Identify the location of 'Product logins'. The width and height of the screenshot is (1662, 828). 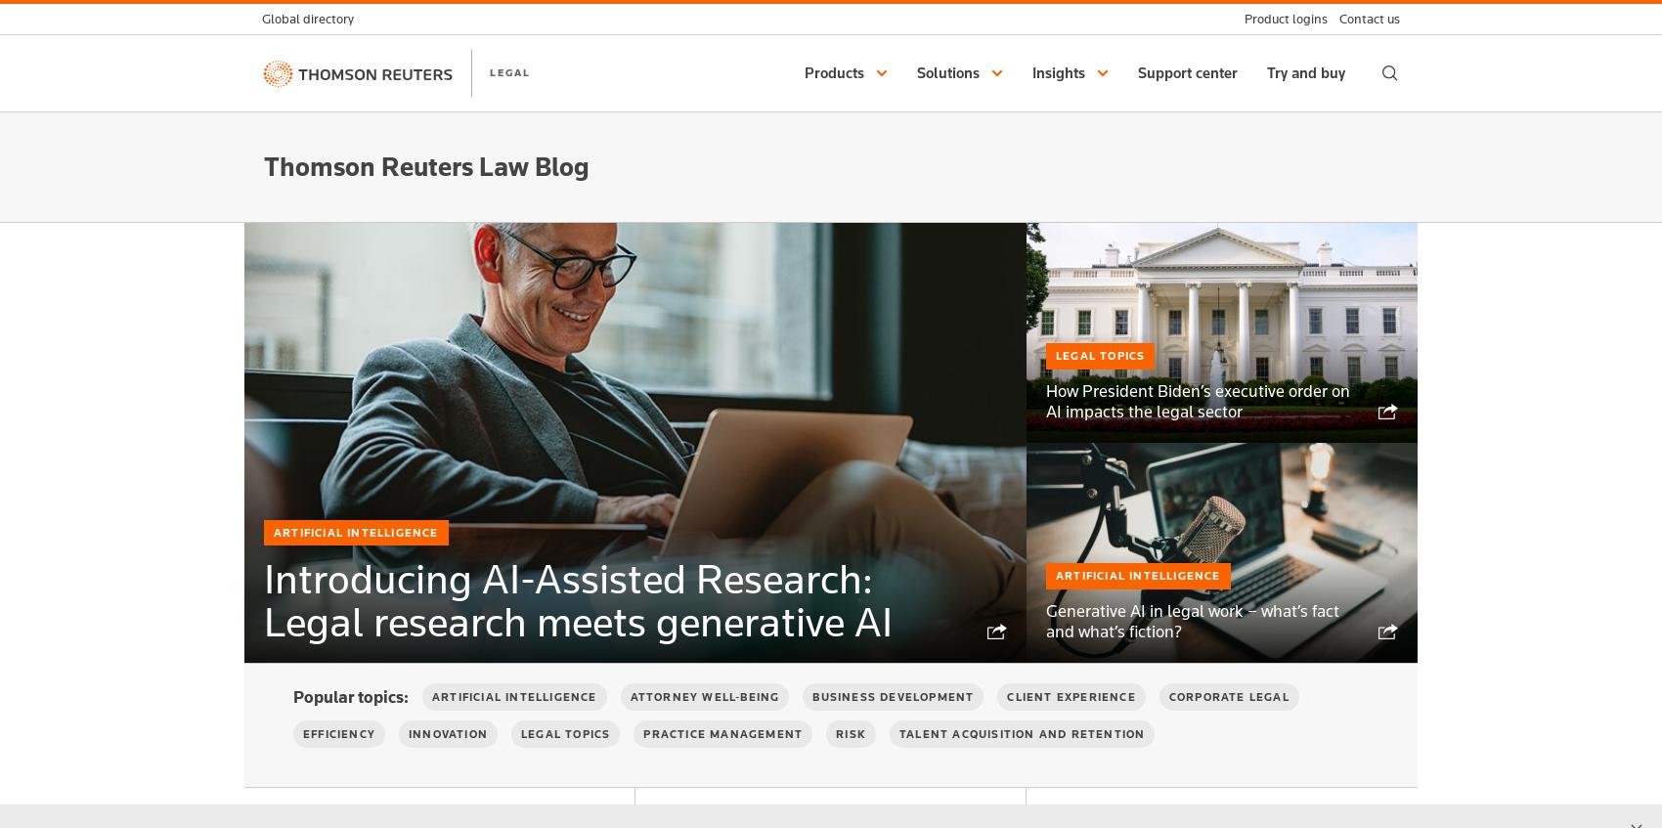
(1286, 18).